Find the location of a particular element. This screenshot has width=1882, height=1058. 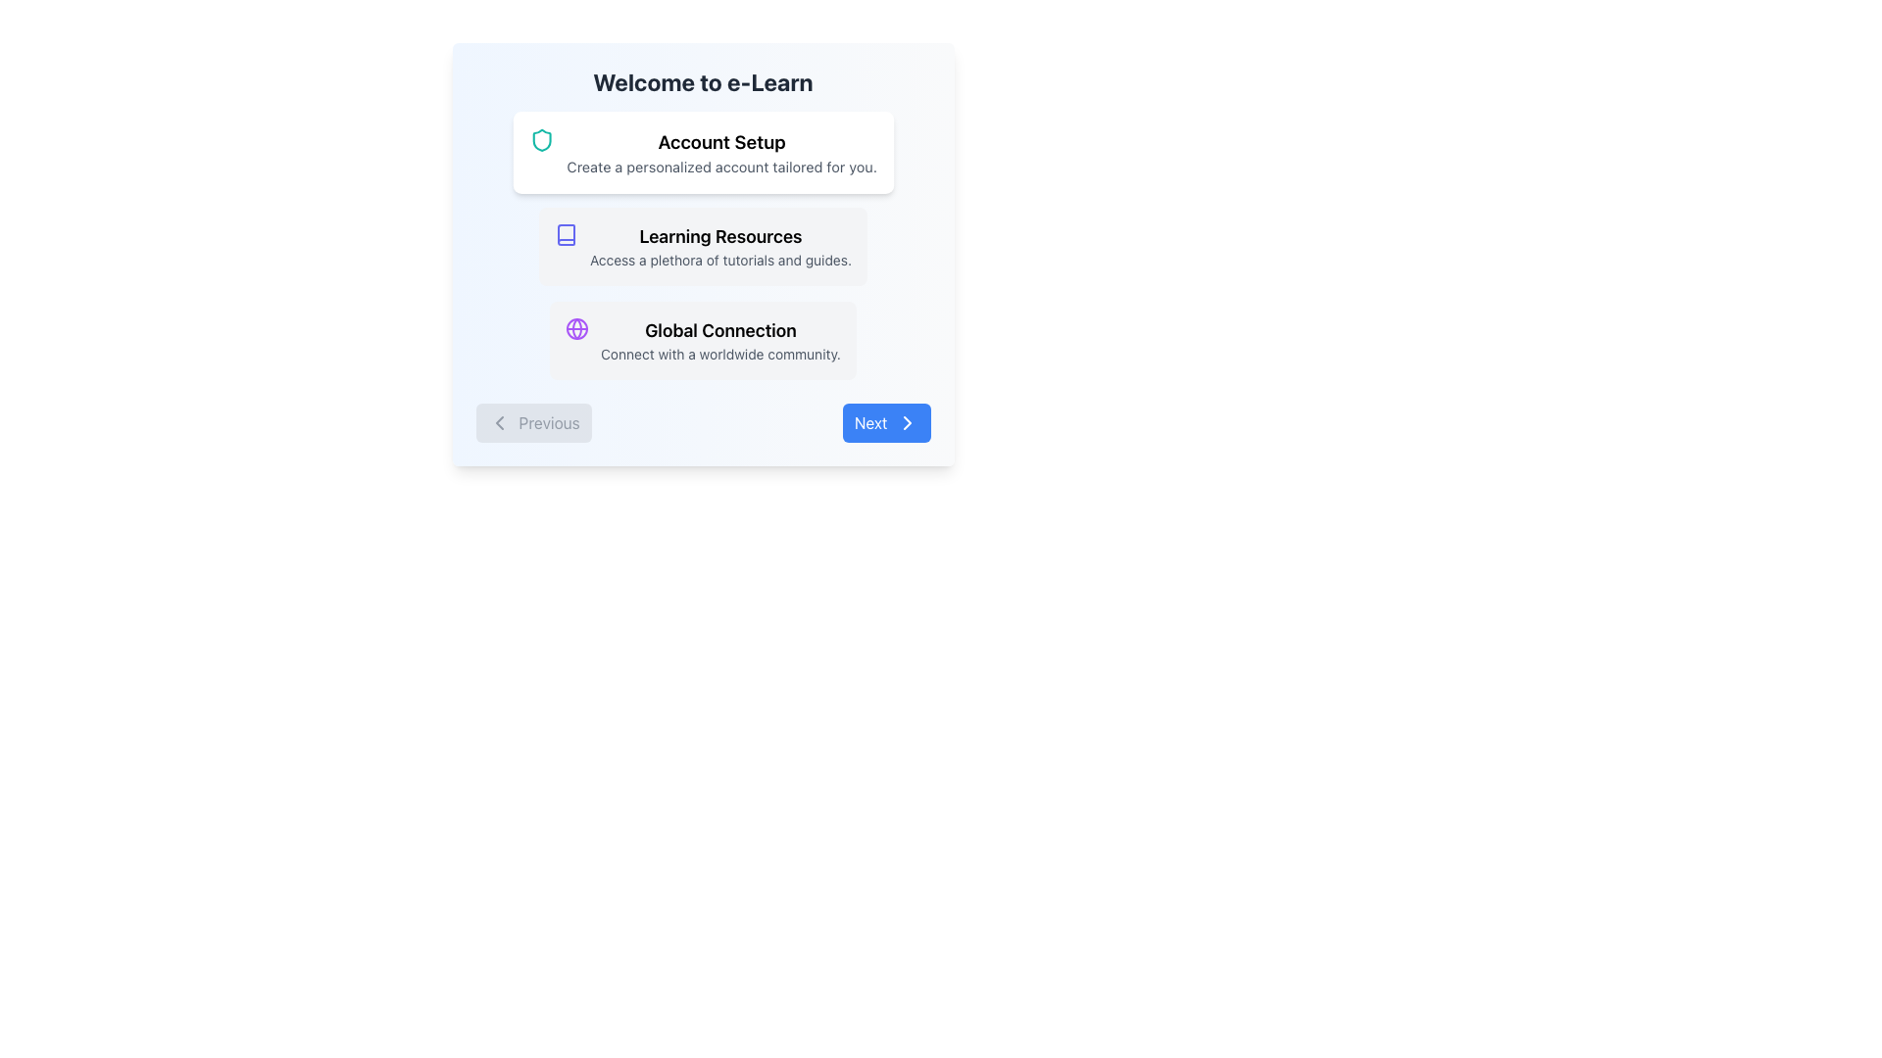

the SVG Icon (Chevron) located to the left of the 'Previous' button in the lower-left corner of the displayed card is located at coordinates (499, 422).